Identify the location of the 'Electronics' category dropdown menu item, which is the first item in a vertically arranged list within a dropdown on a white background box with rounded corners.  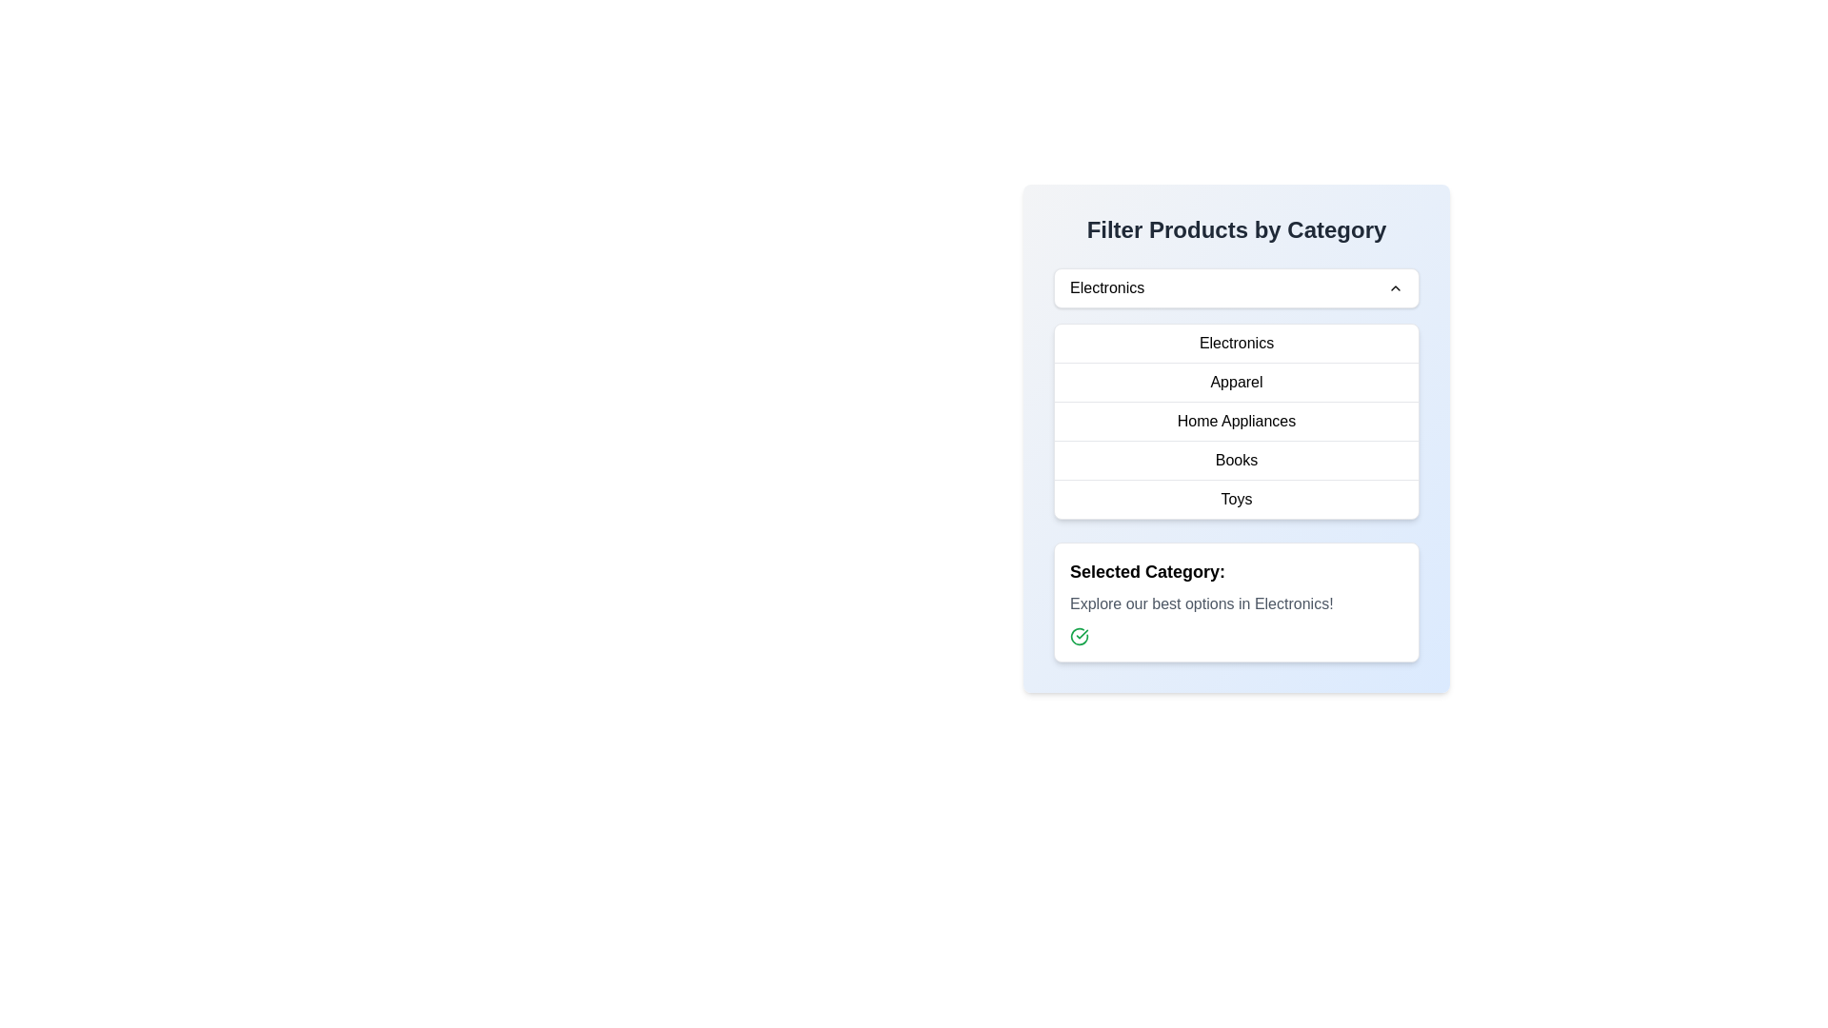
(1237, 344).